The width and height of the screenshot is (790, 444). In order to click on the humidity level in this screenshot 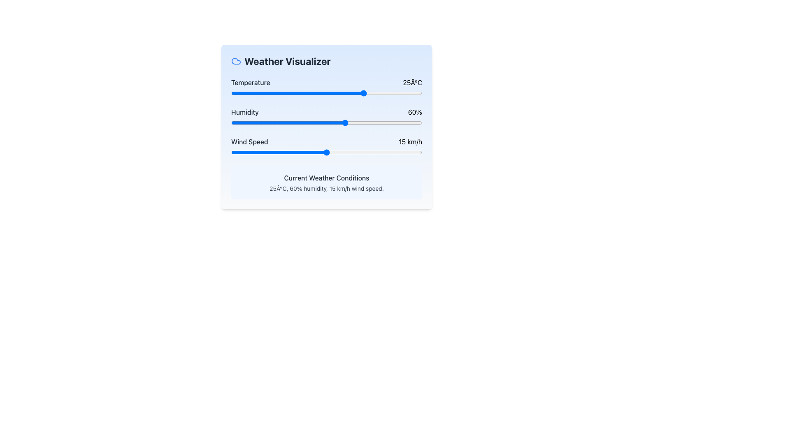, I will do `click(257, 123)`.